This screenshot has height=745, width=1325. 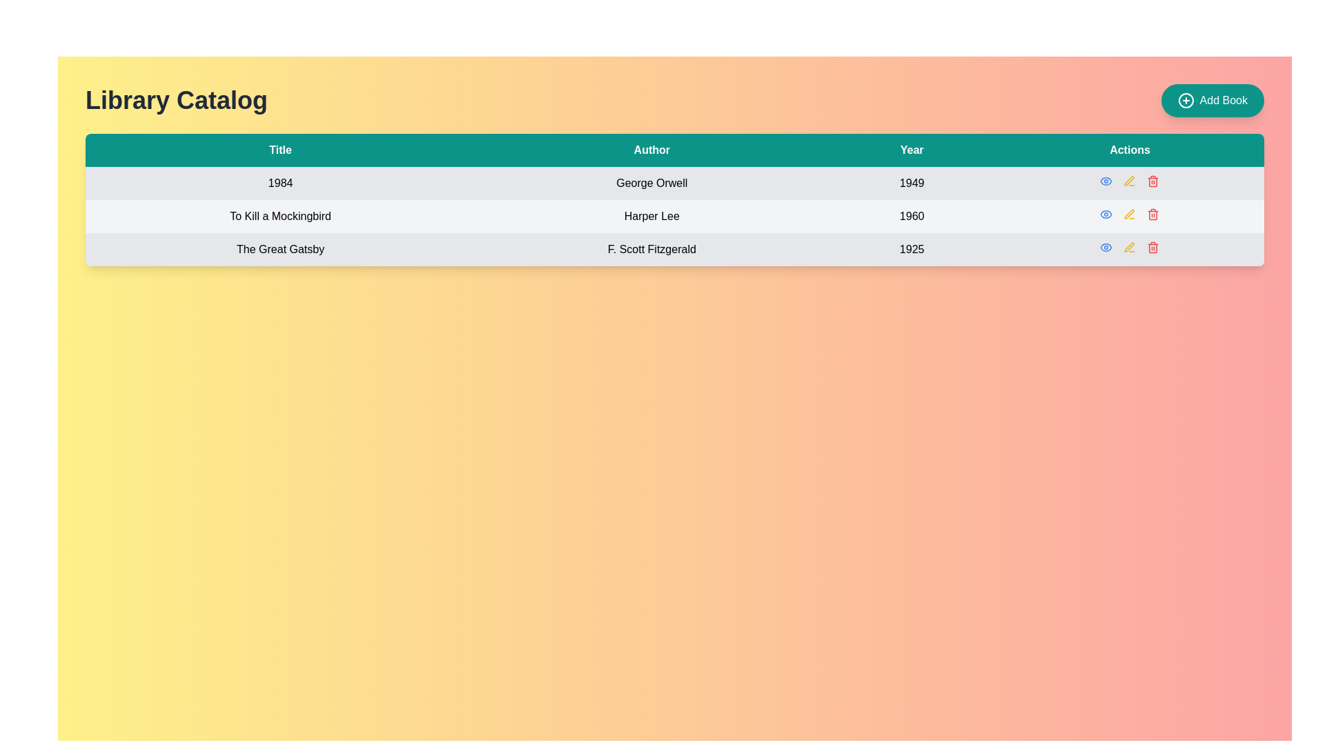 I want to click on the decorative circular shape within the 'Add Book' button located in the top-right corner of the interface, so click(x=1185, y=100).